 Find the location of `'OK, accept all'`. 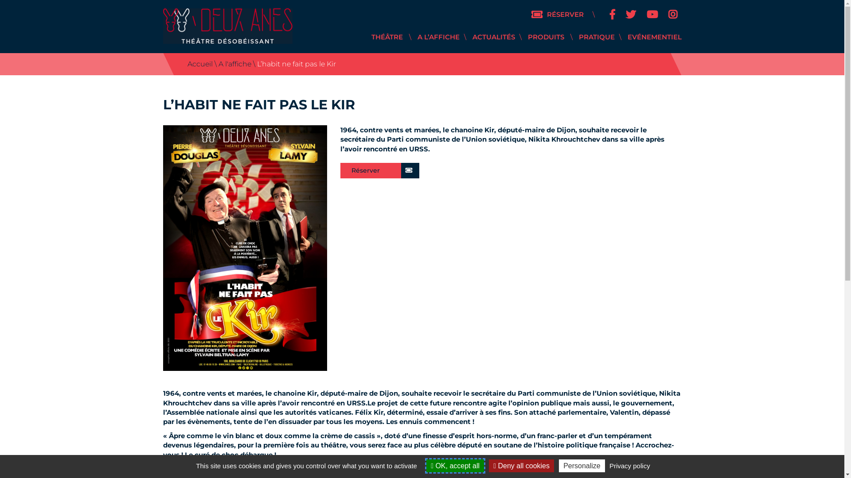

'OK, accept all' is located at coordinates (426, 465).